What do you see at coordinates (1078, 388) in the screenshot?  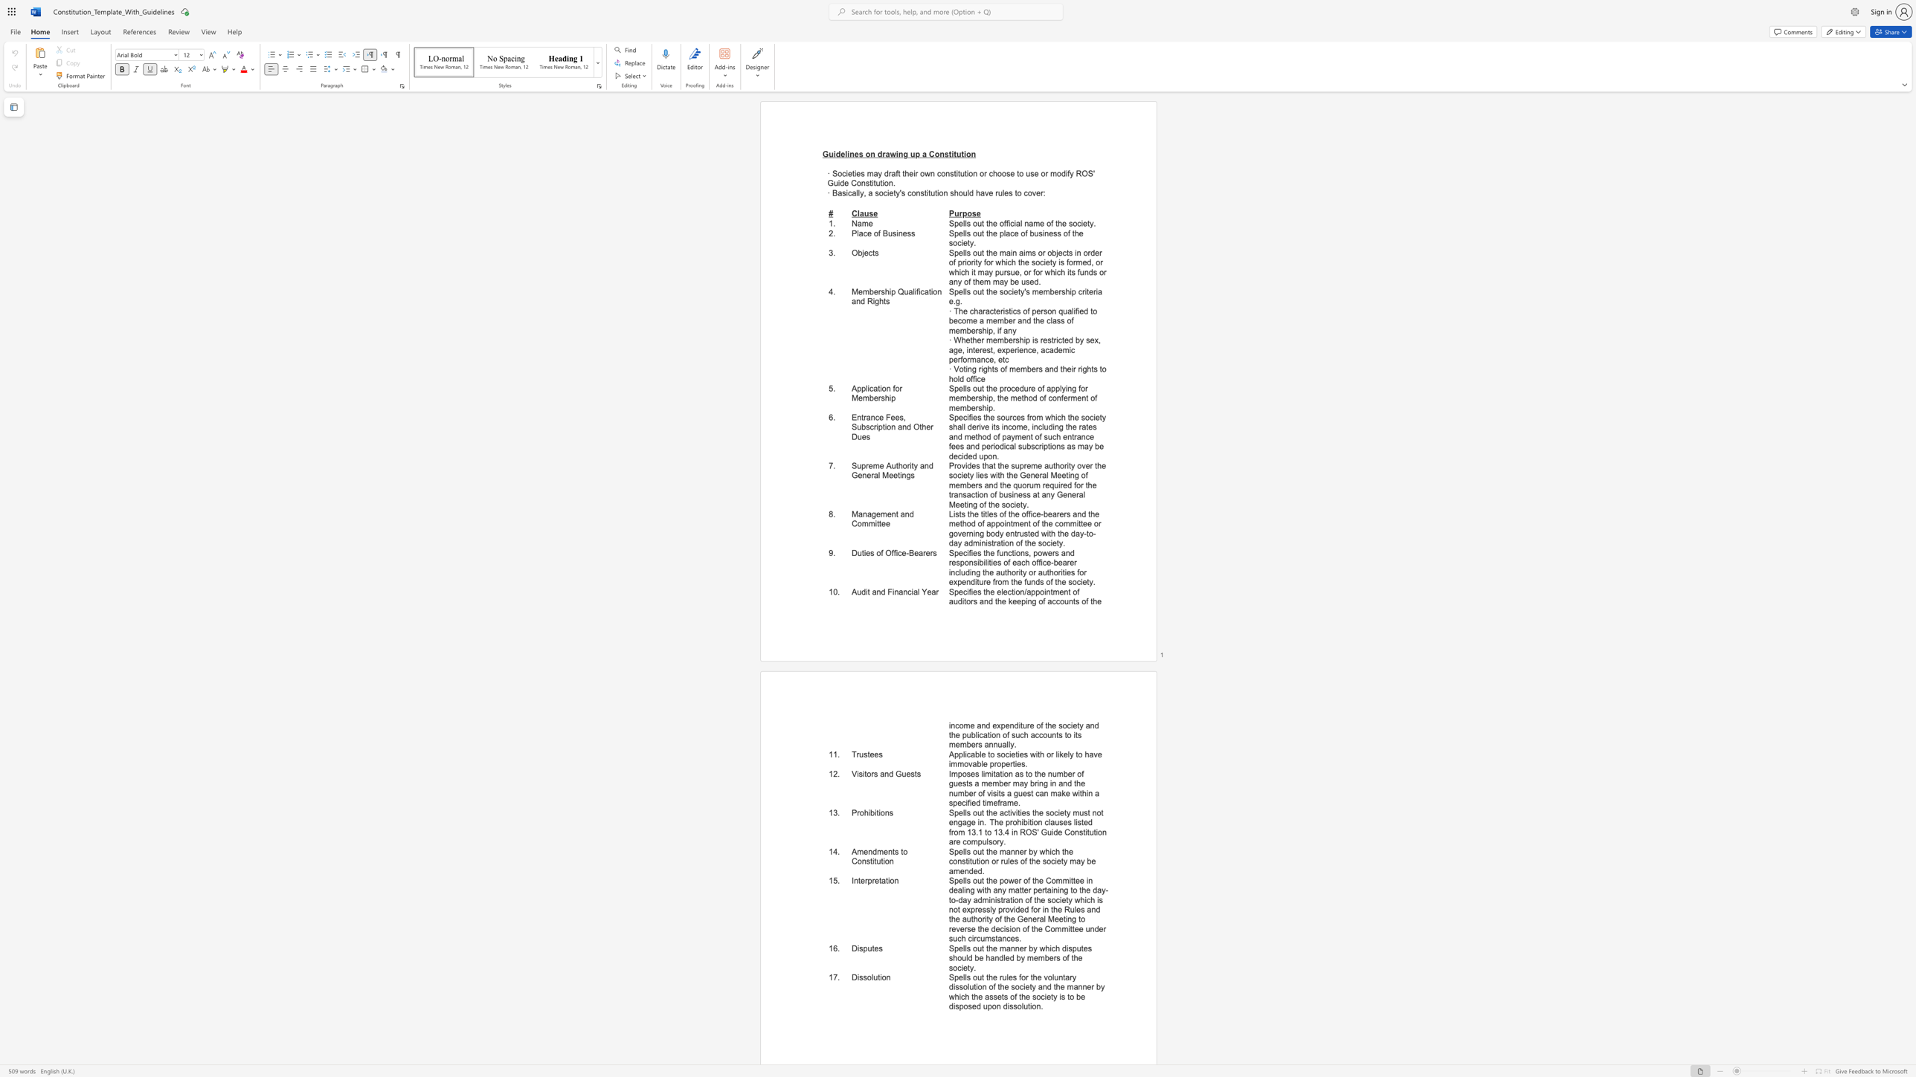 I see `the subset text "for membership, the method of conferment" within the text "Spells out the procedure of applying for membership, the method of conferment of membership."` at bounding box center [1078, 388].